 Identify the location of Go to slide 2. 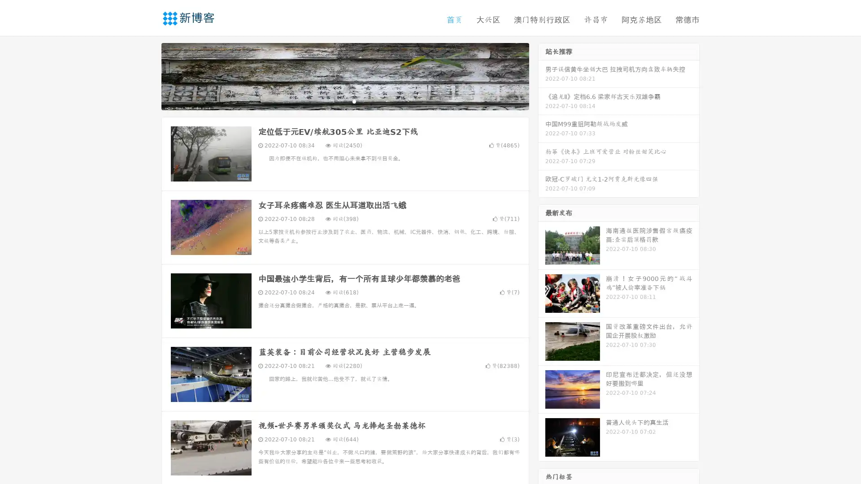
(344, 101).